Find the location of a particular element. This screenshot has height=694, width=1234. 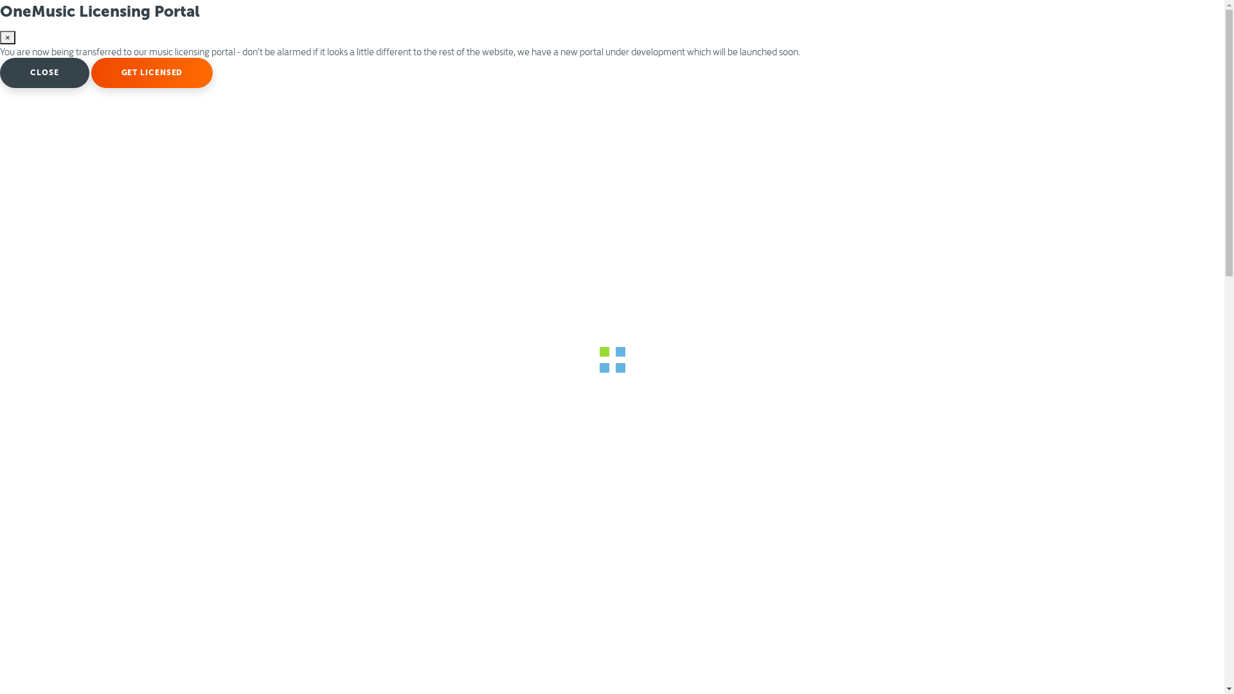

'CLOSE' is located at coordinates (44, 73).